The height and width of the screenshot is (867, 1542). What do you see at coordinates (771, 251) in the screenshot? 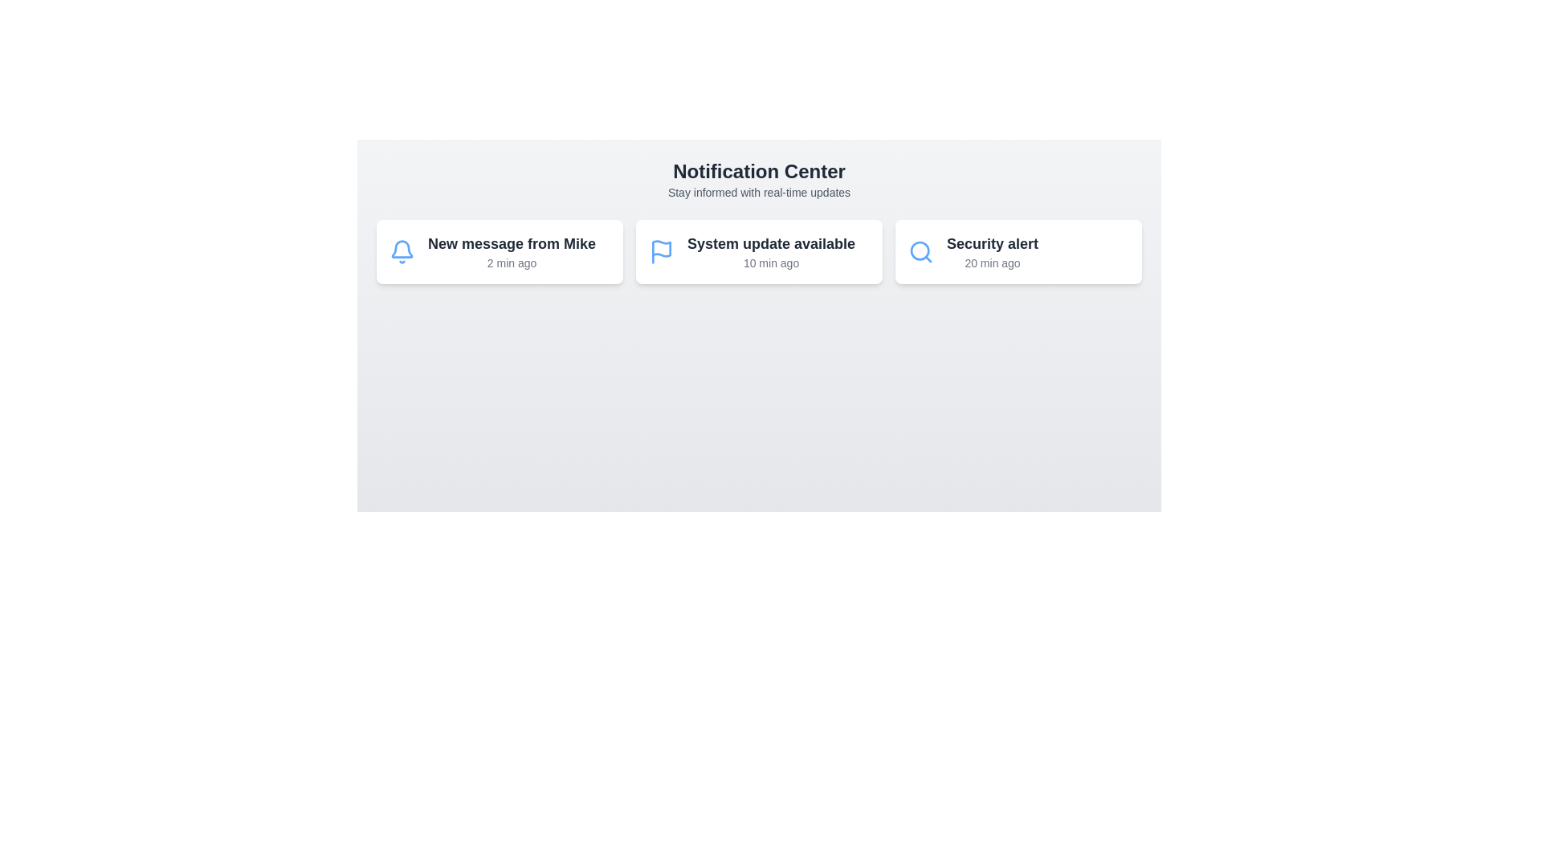
I see `the notification detail text block providing the title and timestamp of a system update, located in the central notification card below the title 'System update available'` at bounding box center [771, 251].